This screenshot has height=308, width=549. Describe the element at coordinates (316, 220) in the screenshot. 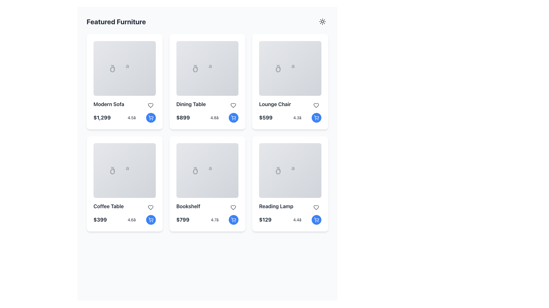

I see `the shopping cart icon button located at the bottom-right corner of the 'Reading Lamp' product card` at that location.